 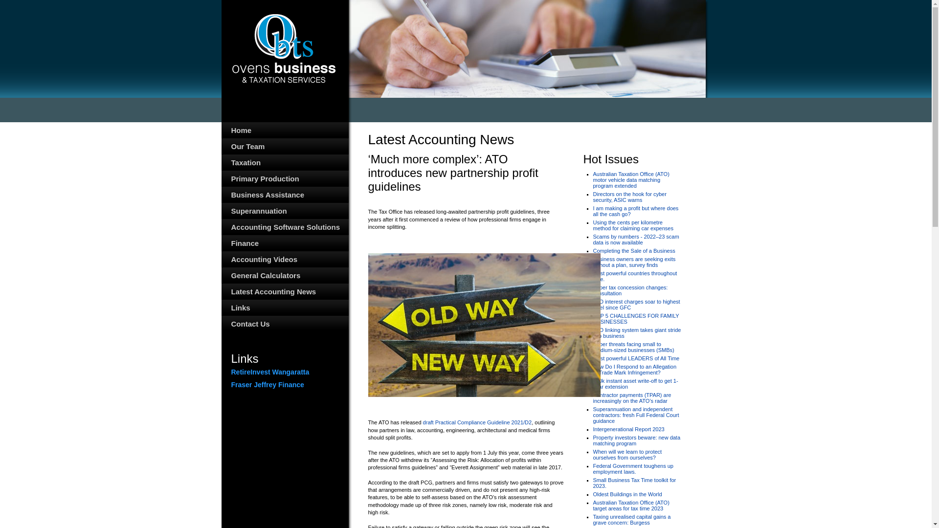 I want to click on 'Most powerful countries throughout time.', so click(x=634, y=276).